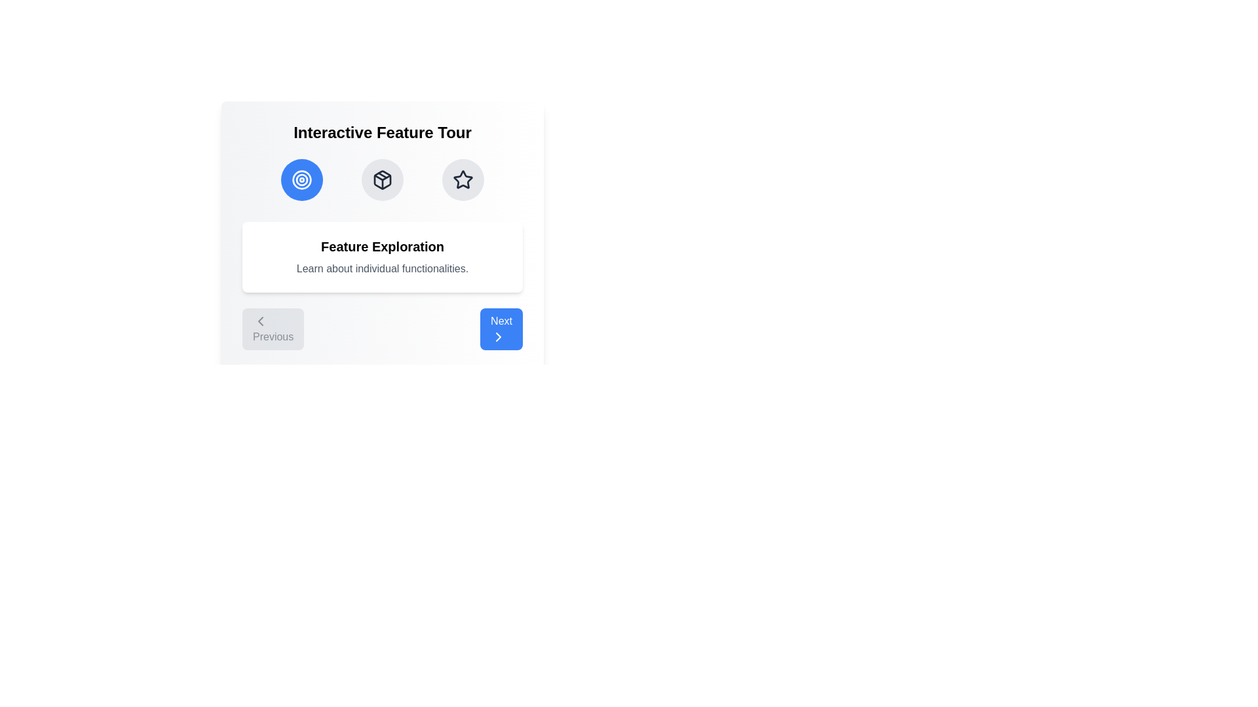  Describe the element at coordinates (261, 321) in the screenshot. I see `the SVG-based chevron symbol representing 'Go to Previous' located in the left button grouping of the navigation area` at that location.